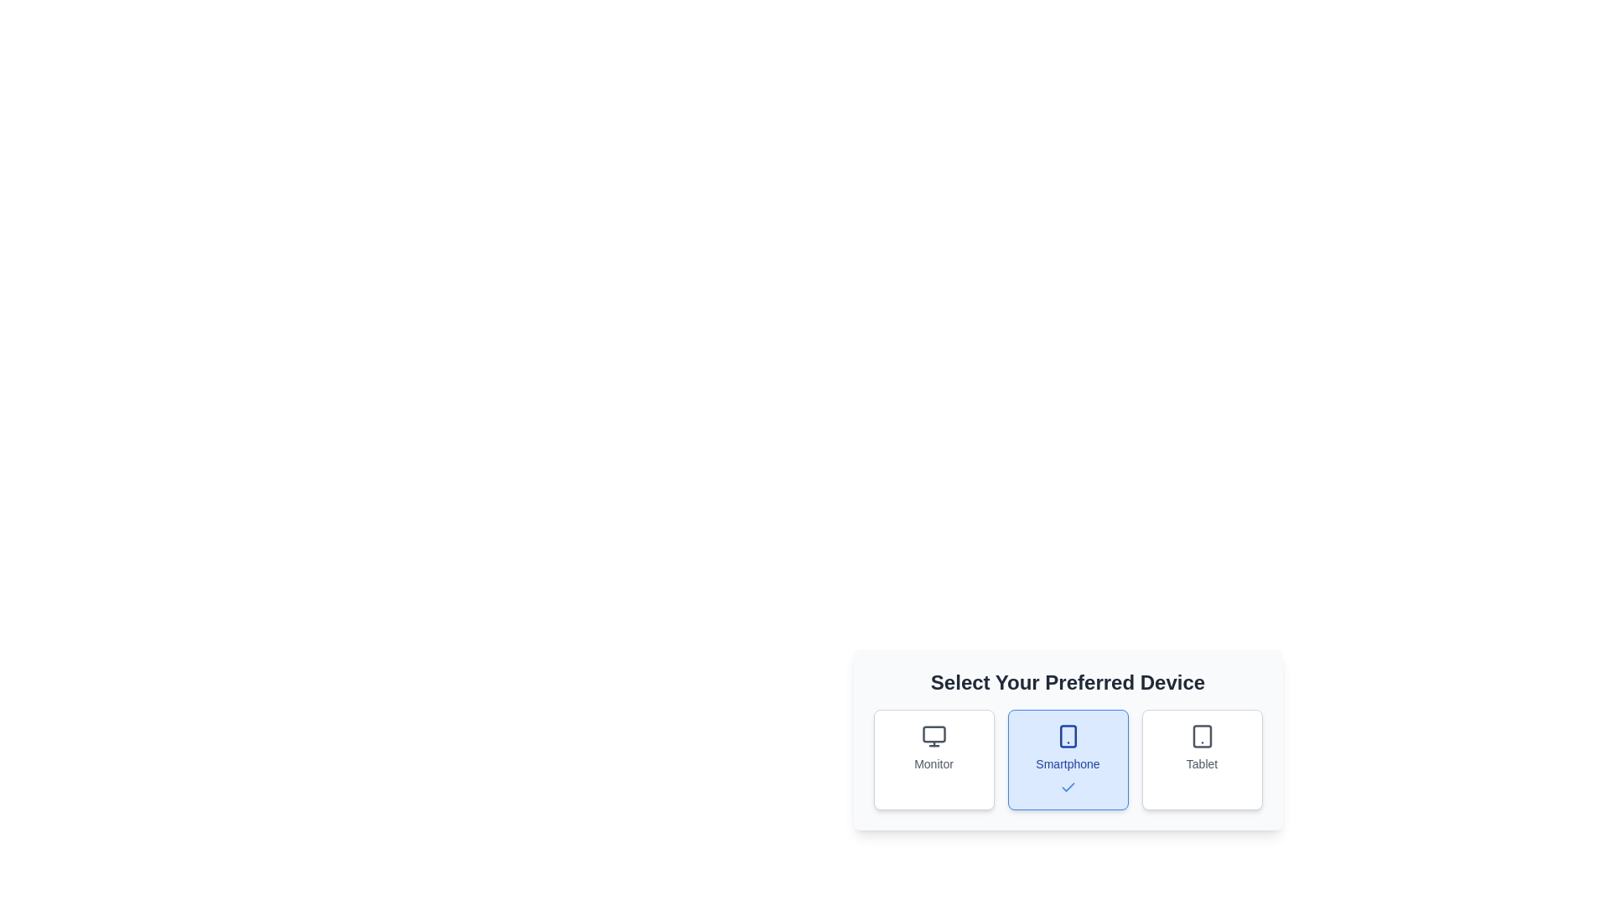 The width and height of the screenshot is (1609, 905). Describe the element at coordinates (1067, 787) in the screenshot. I see `the checkmark icon with a blue outline located within the 'Smartphone' selection button` at that location.